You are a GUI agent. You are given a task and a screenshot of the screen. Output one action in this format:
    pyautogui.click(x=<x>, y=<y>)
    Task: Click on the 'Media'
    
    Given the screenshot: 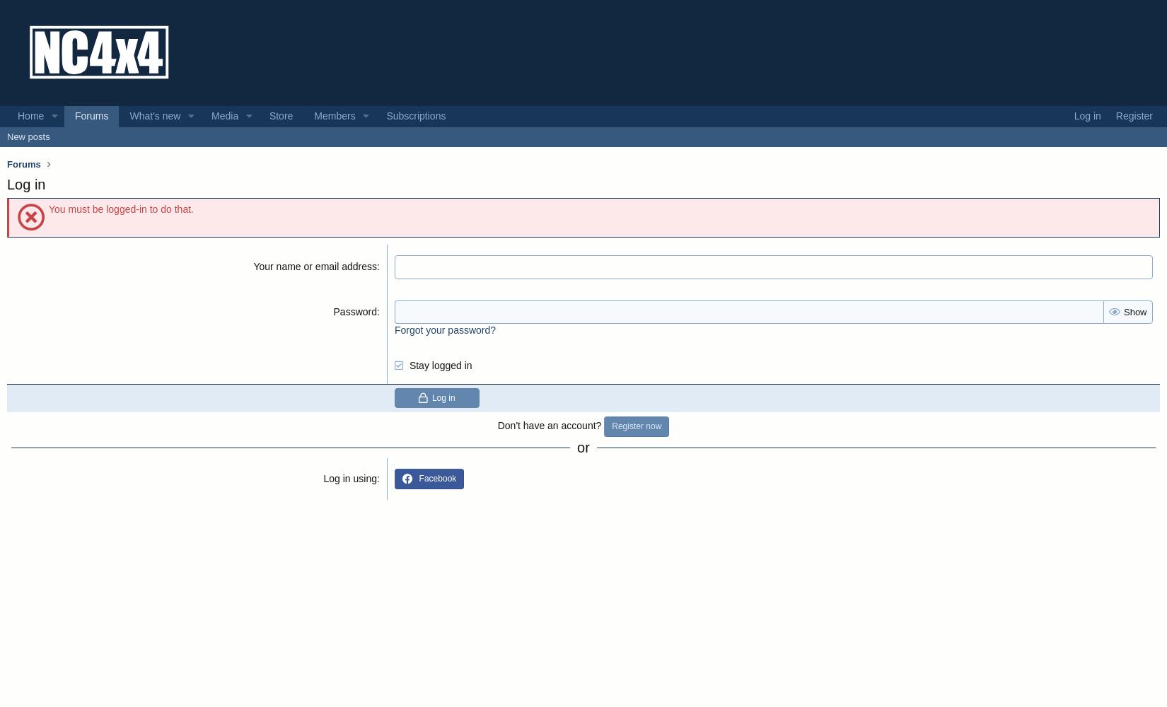 What is the action you would take?
    pyautogui.click(x=224, y=116)
    